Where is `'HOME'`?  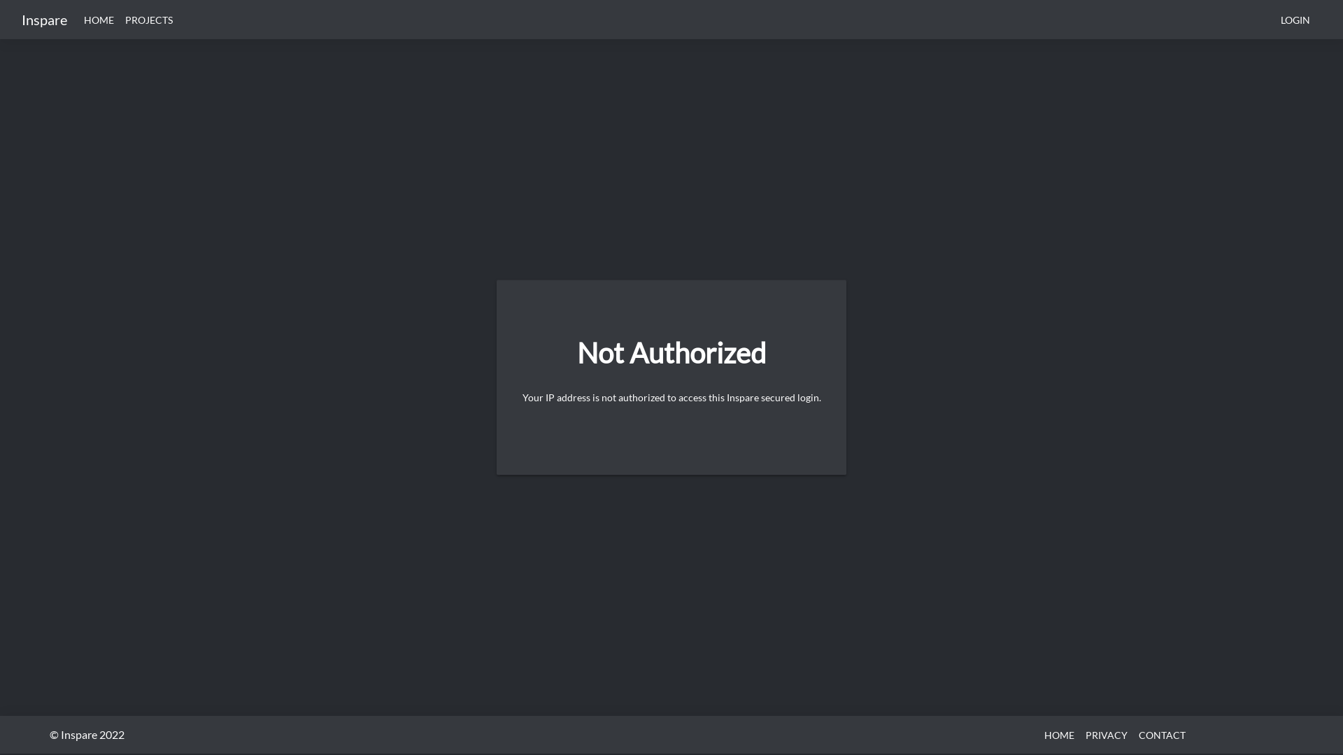
'HOME' is located at coordinates (1059, 733).